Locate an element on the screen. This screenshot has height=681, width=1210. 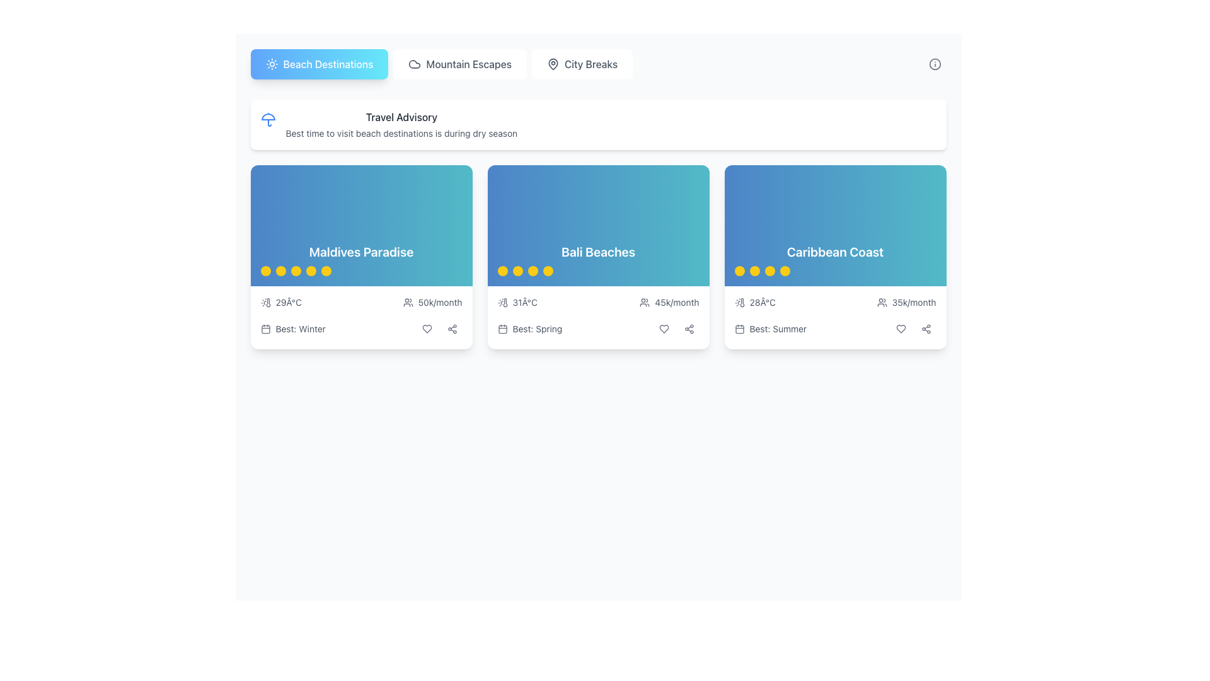
the fourth yellow circle in the 'Caribbean Coast' section, which serves as a status indicator is located at coordinates (784, 270).